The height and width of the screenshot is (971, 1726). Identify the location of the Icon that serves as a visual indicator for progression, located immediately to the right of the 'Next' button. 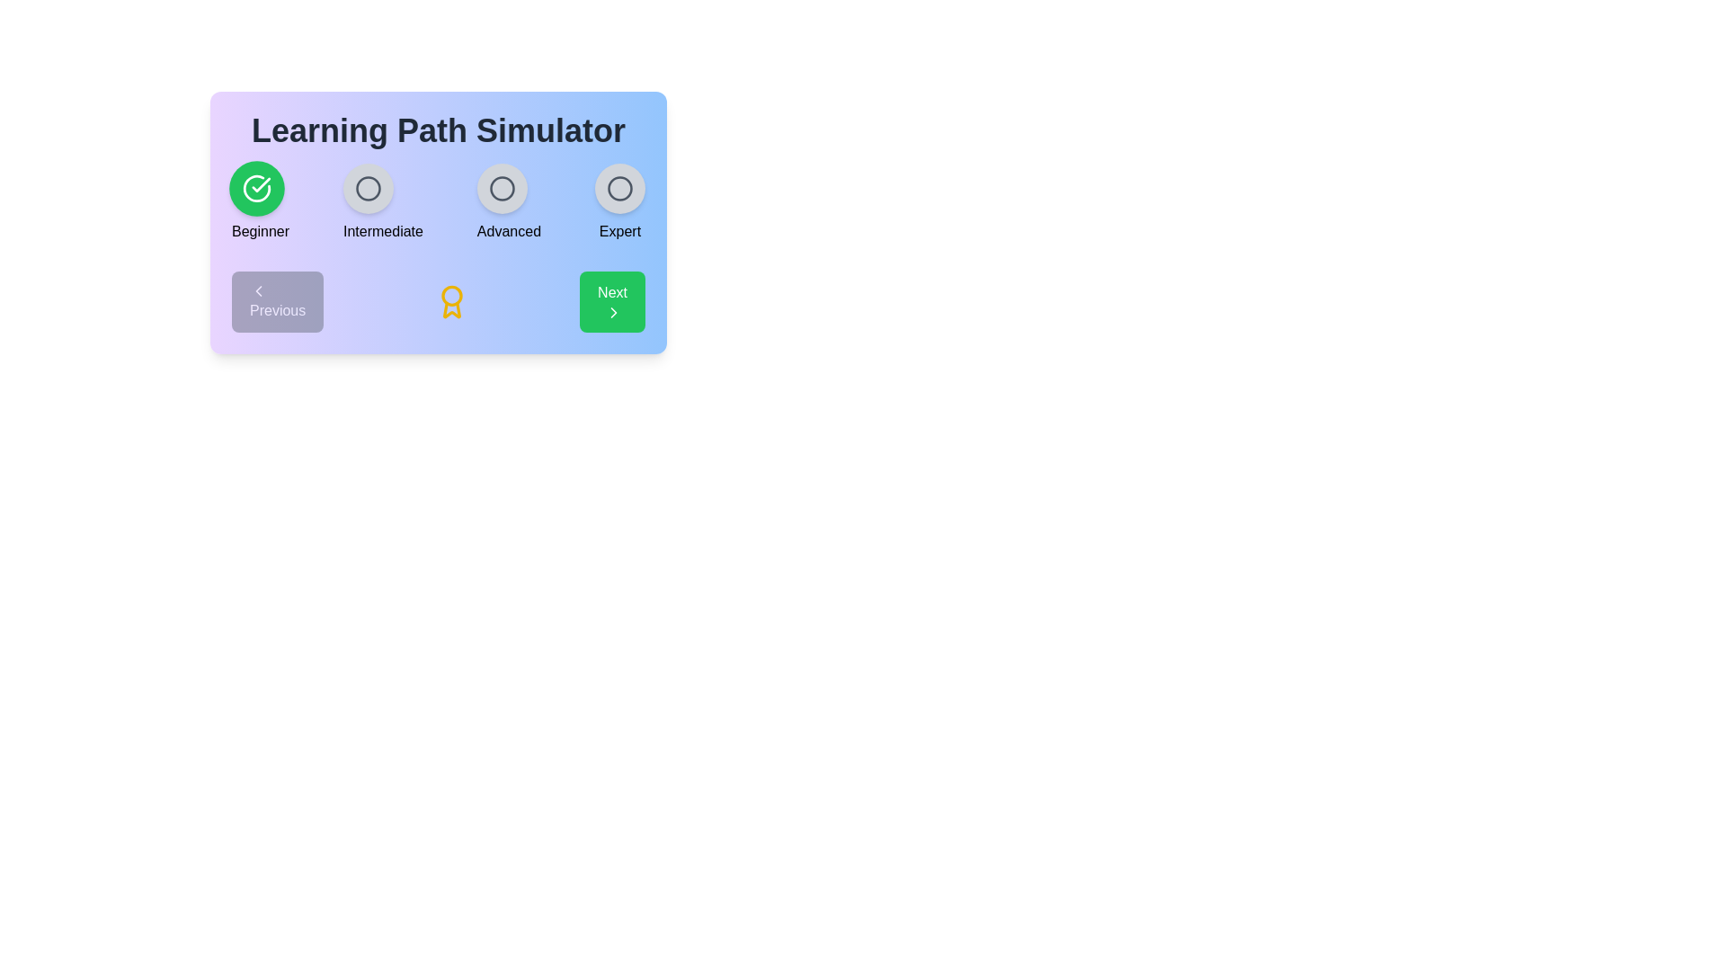
(614, 311).